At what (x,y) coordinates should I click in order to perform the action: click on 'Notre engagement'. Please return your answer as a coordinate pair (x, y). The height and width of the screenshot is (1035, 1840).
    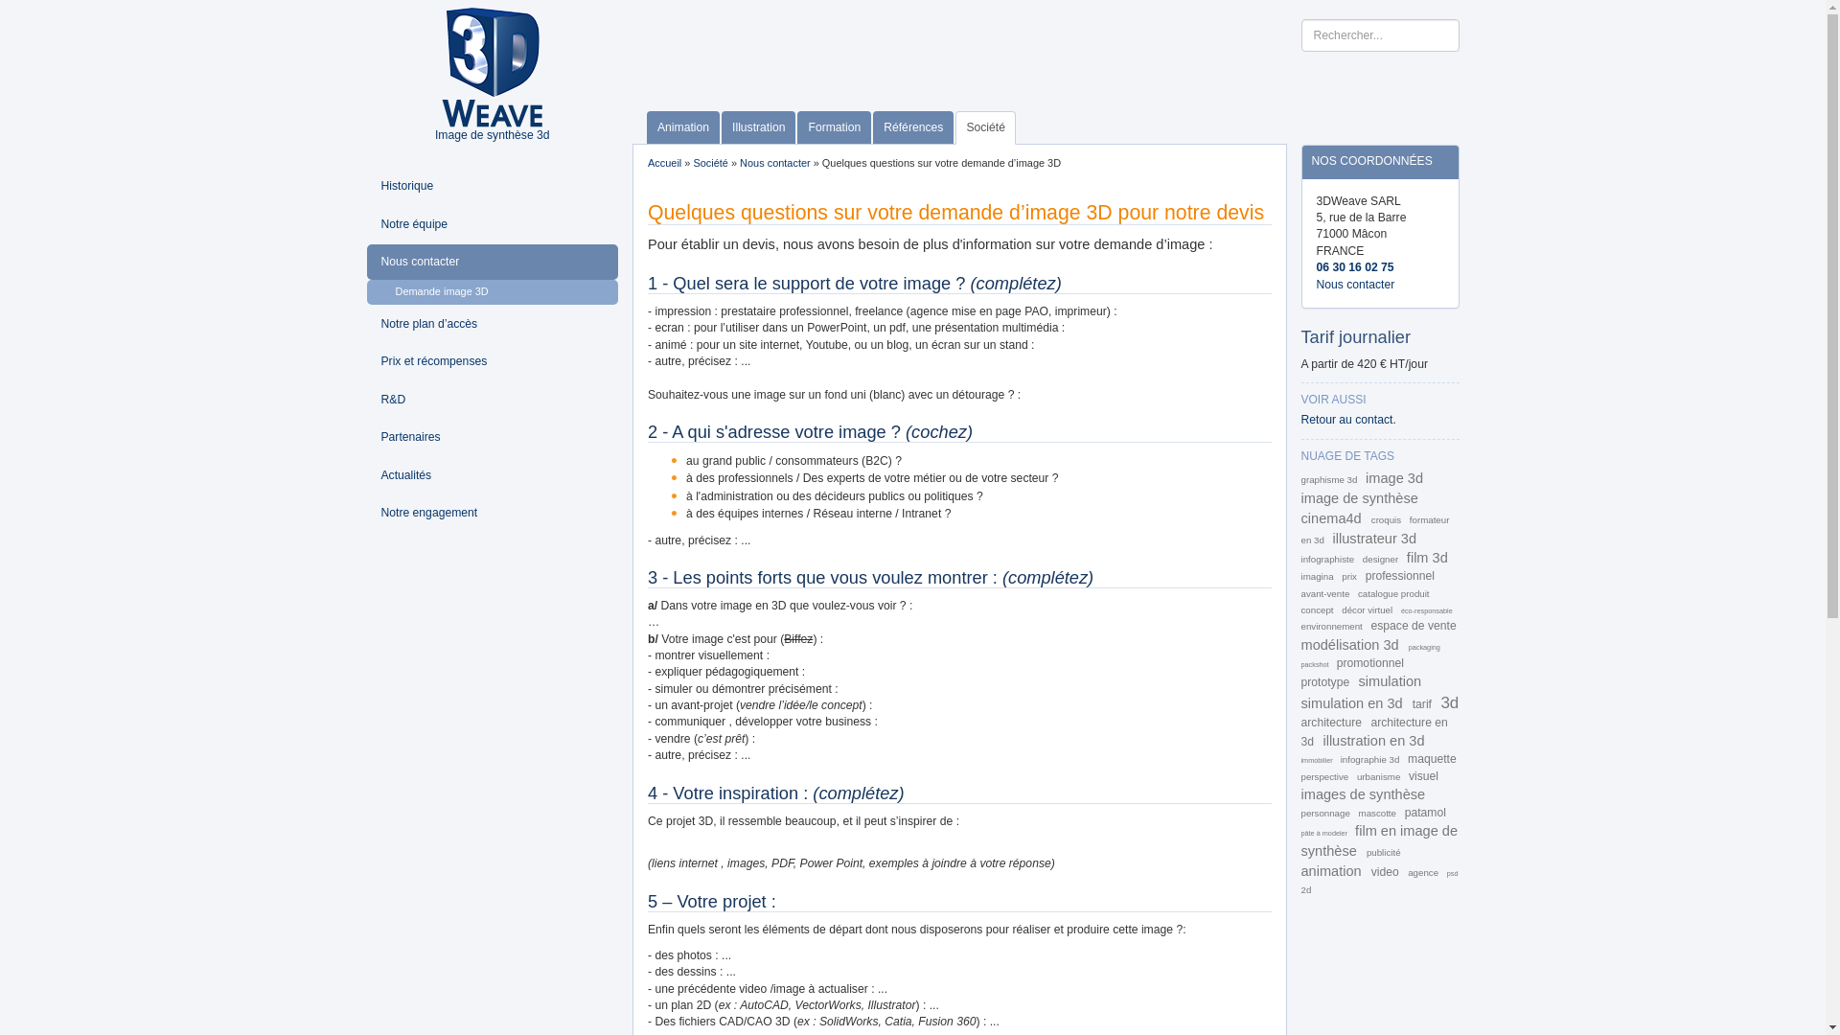
    Looking at the image, I should click on (492, 512).